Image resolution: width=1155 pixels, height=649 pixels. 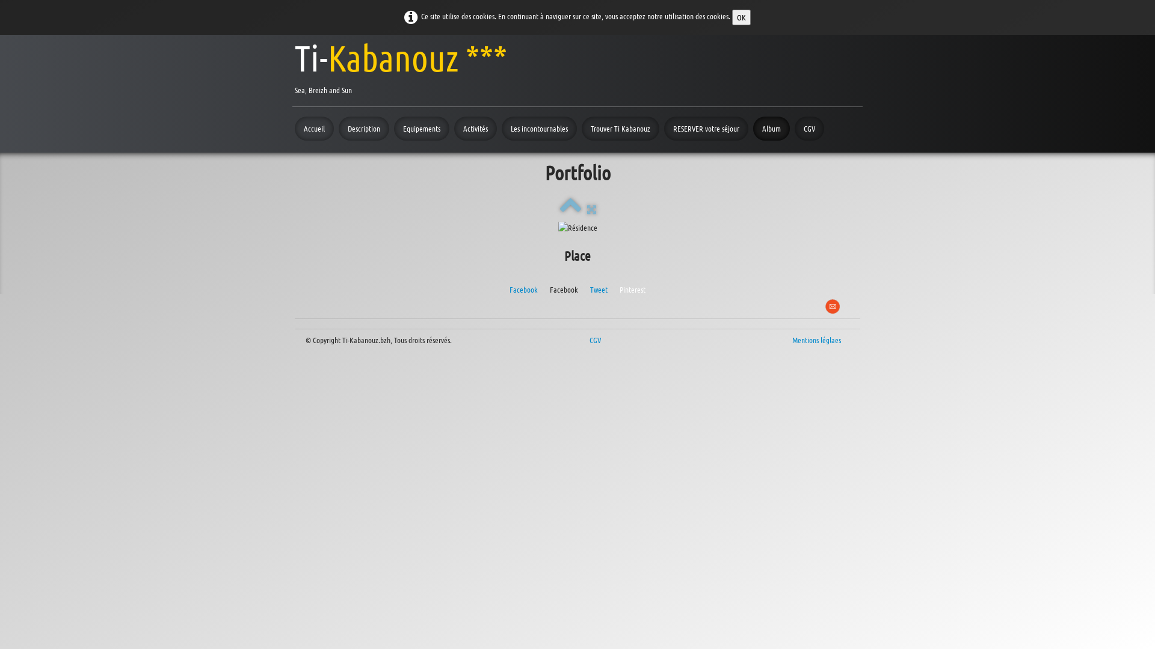 I want to click on 'Les incontournables', so click(x=538, y=128).